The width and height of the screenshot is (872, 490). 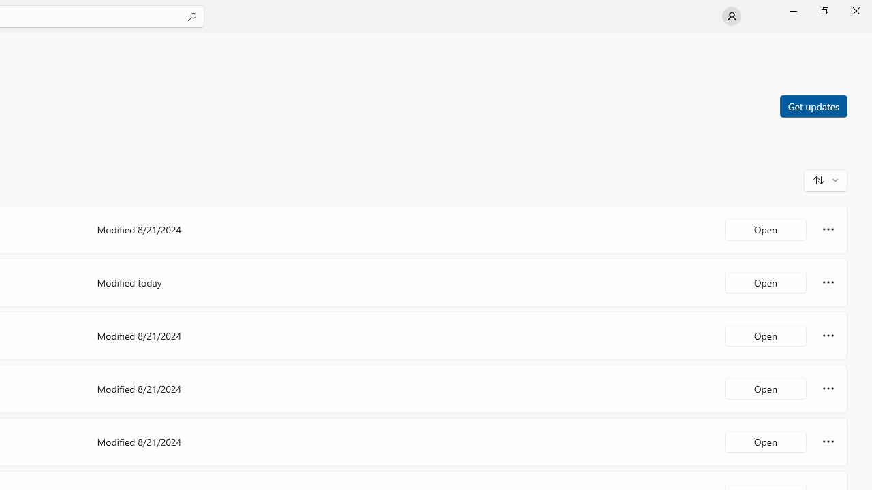 I want to click on 'Minimize Microsoft Store', so click(x=793, y=10).